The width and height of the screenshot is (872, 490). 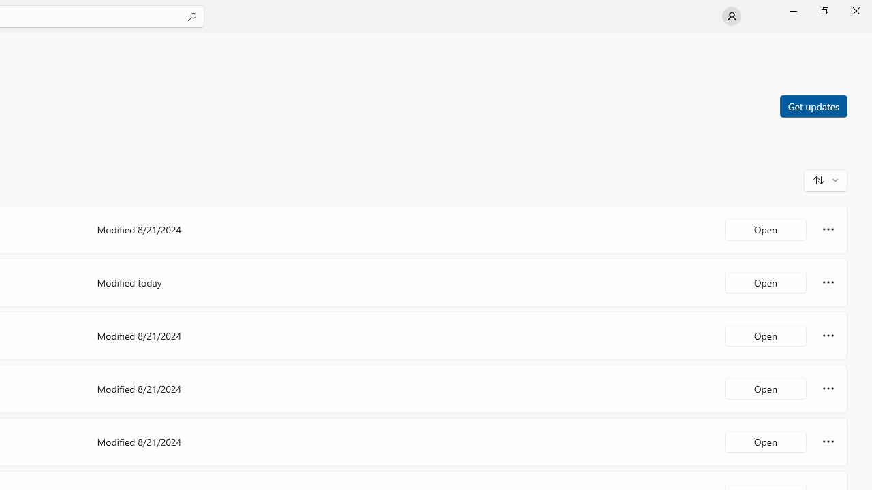 I want to click on 'Minimize Microsoft Store', so click(x=793, y=10).